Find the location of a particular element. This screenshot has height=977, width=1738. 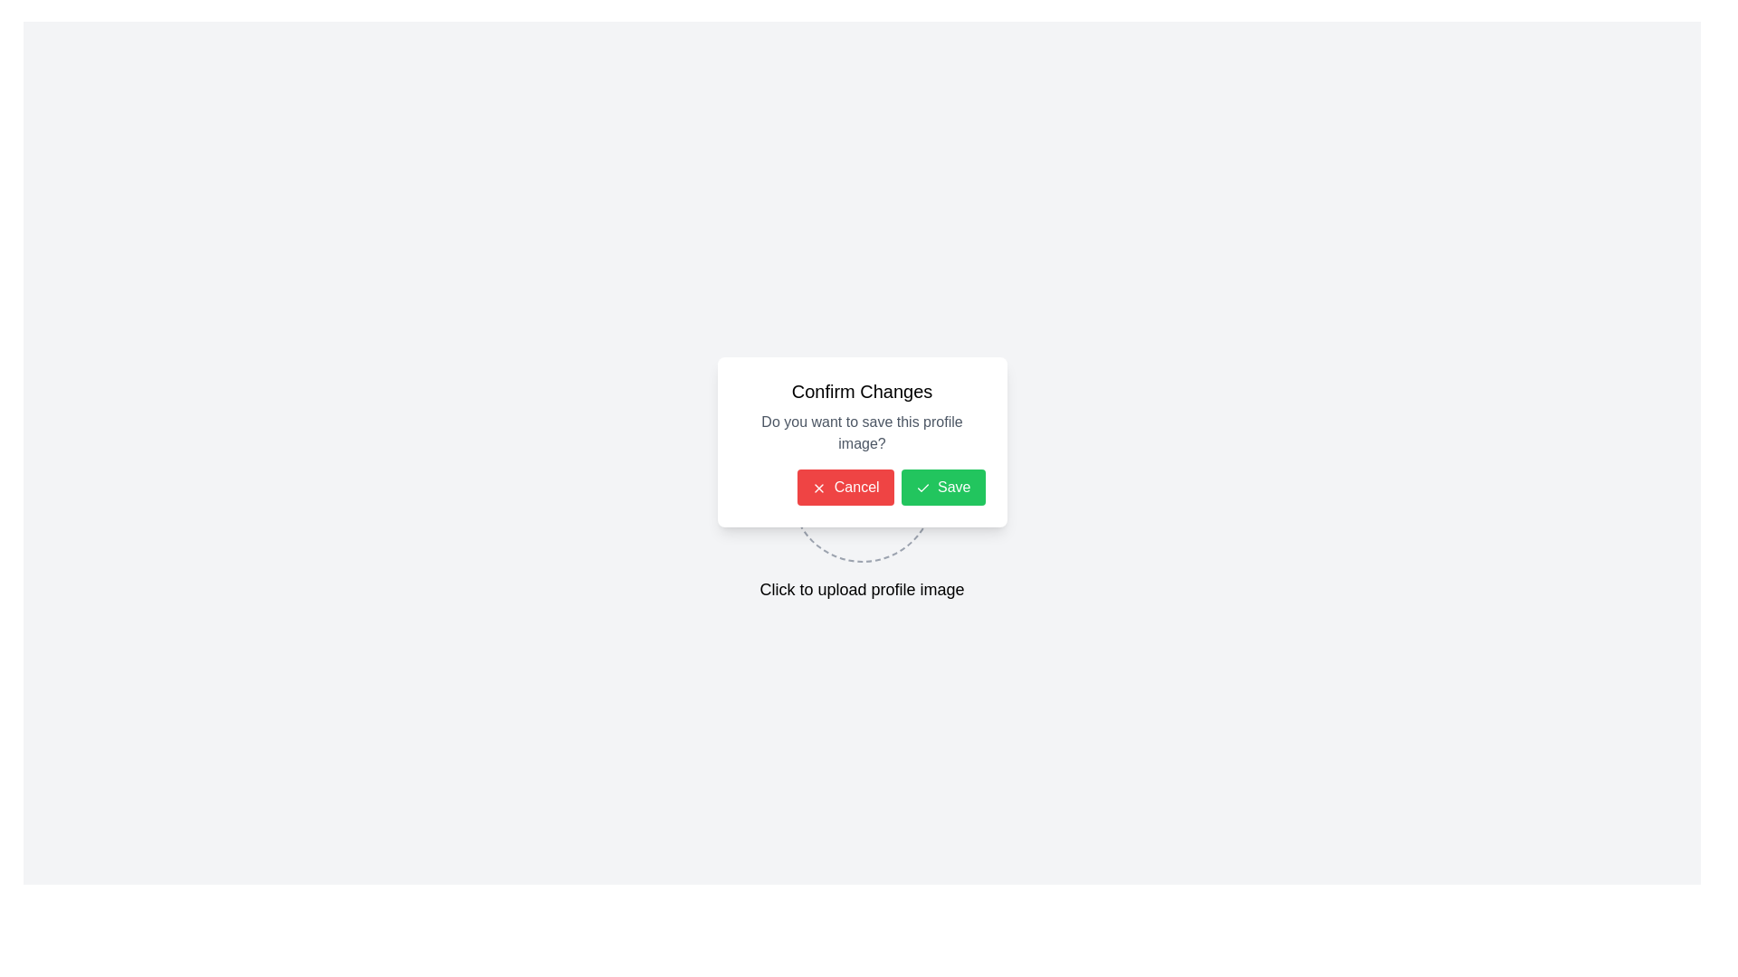

the leftmost button in the modal dialog is located at coordinates (845, 487).